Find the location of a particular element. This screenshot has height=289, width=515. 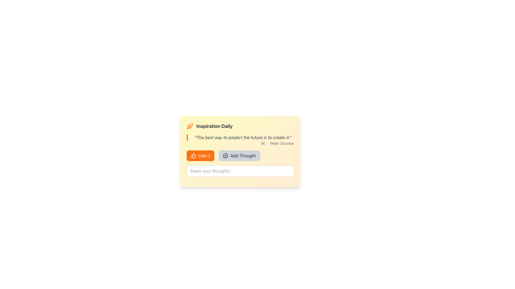

the motivational quotation display text block located between 'Inspiration Daily' and '— Peter Drucker' is located at coordinates (240, 137).